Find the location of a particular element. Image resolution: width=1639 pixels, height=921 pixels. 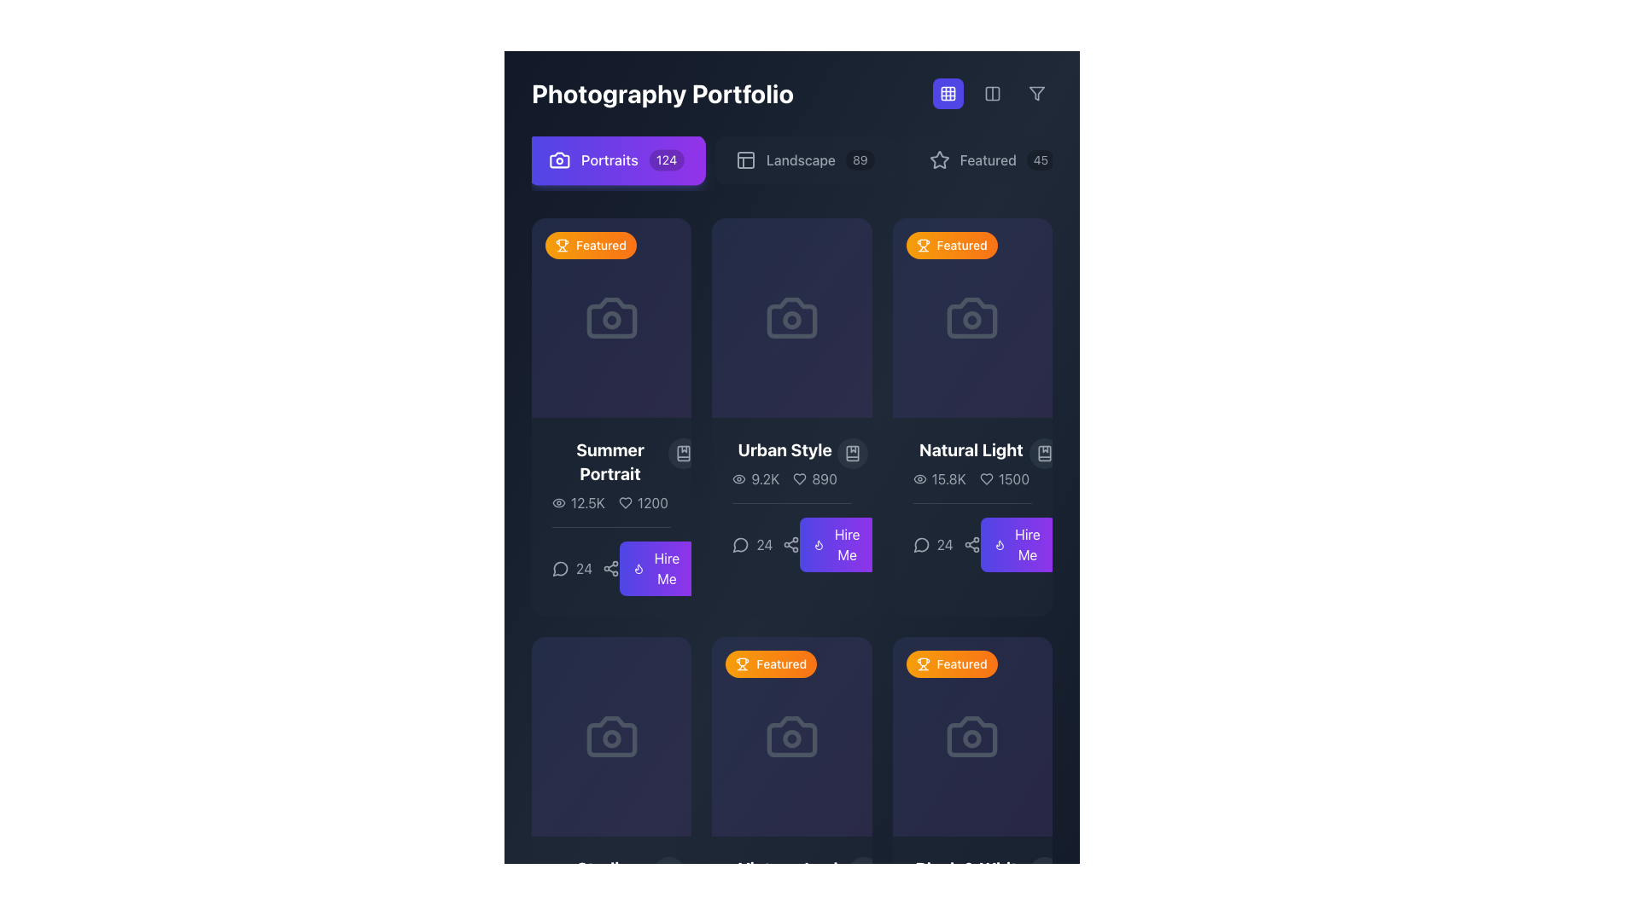

the heart-shaped icon with a hollow appearance located in the bottom-right quadrant of the interface is located at coordinates (624, 502).